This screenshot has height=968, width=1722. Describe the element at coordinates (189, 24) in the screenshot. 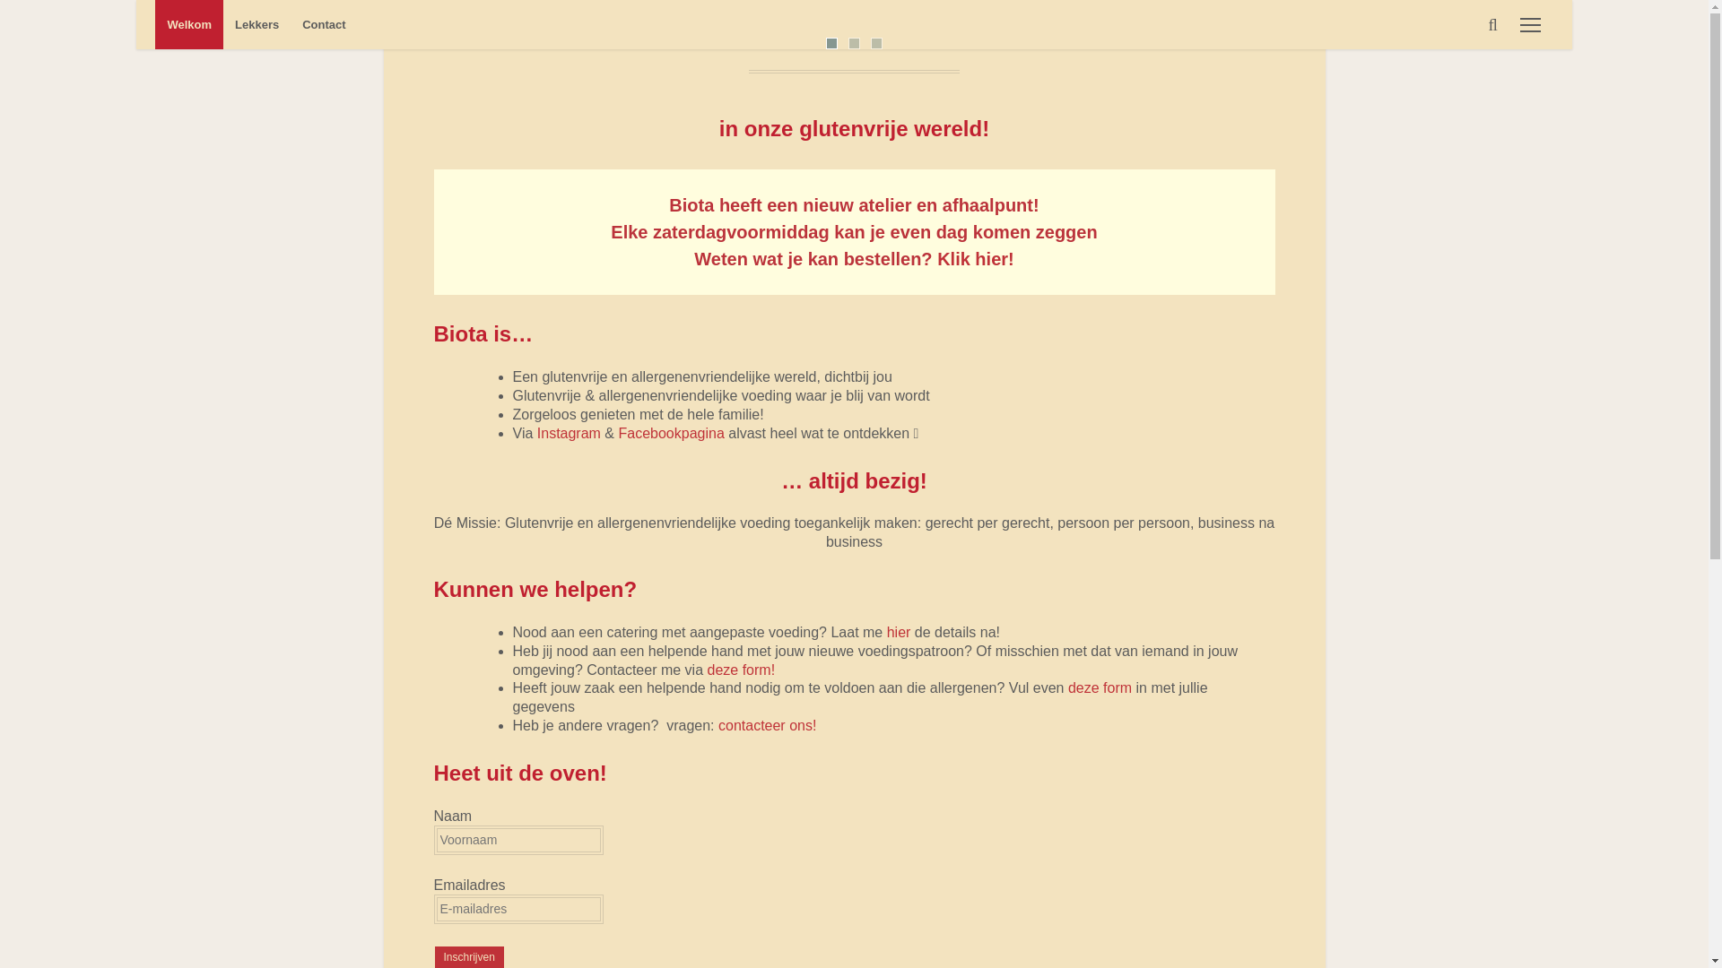

I see `'Welkom'` at that location.